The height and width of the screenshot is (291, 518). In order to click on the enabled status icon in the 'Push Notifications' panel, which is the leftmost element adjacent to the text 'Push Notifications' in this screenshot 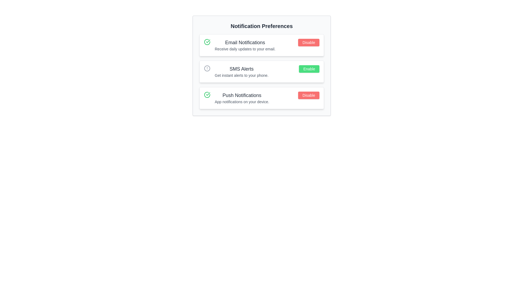, I will do `click(207, 94)`.